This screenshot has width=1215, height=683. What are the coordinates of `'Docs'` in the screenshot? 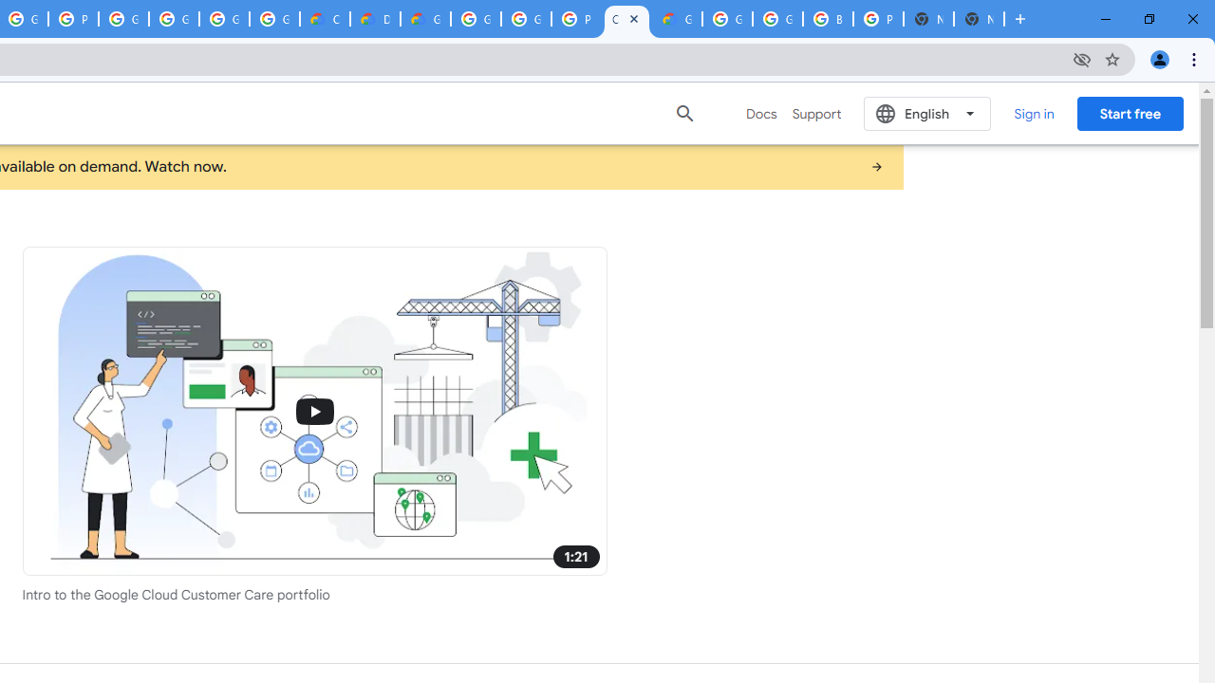 It's located at (761, 113).